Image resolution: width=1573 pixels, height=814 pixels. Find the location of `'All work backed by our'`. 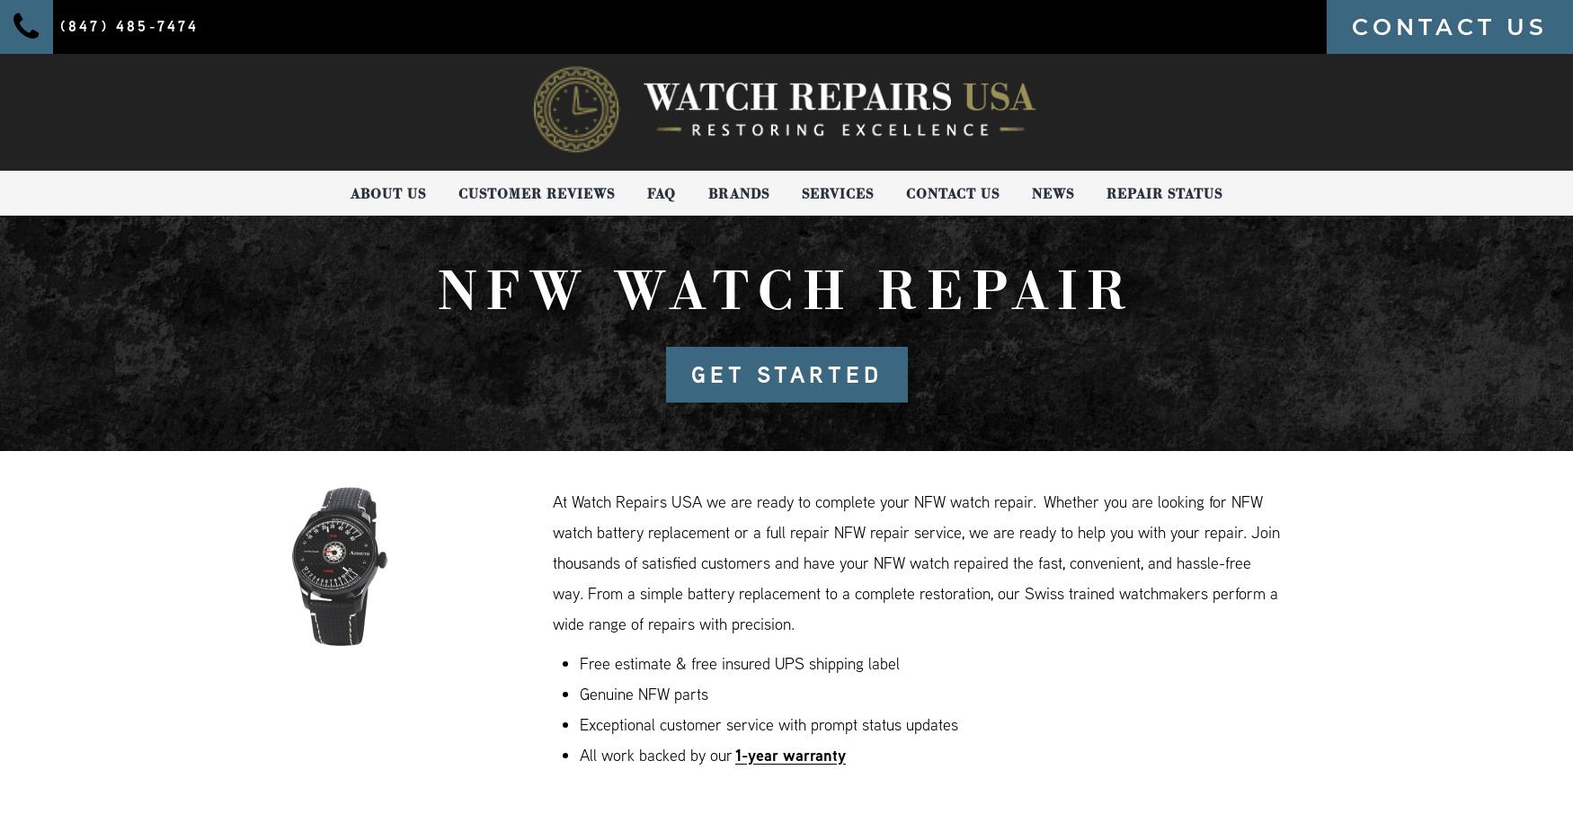

'All work backed by our' is located at coordinates (657, 754).